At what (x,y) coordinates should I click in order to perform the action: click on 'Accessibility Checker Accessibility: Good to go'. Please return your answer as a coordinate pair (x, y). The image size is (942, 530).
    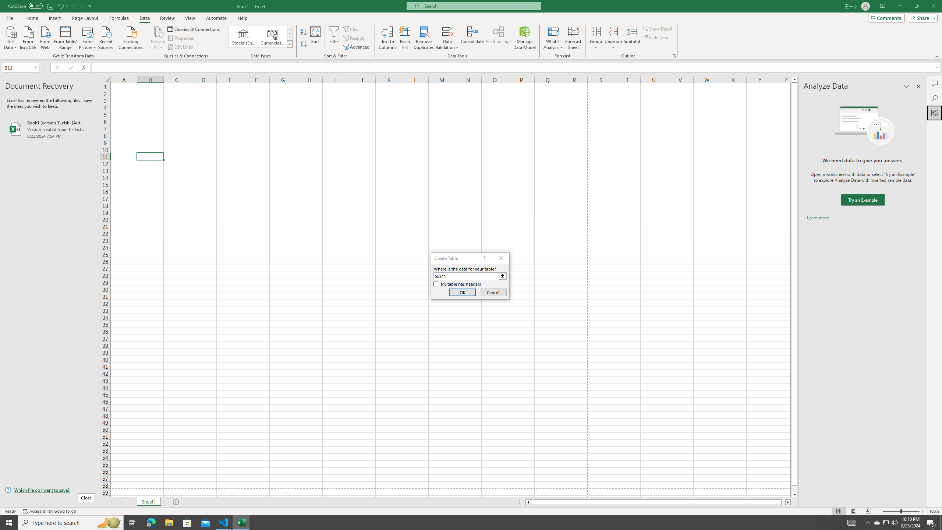
    Looking at the image, I should click on (49, 511).